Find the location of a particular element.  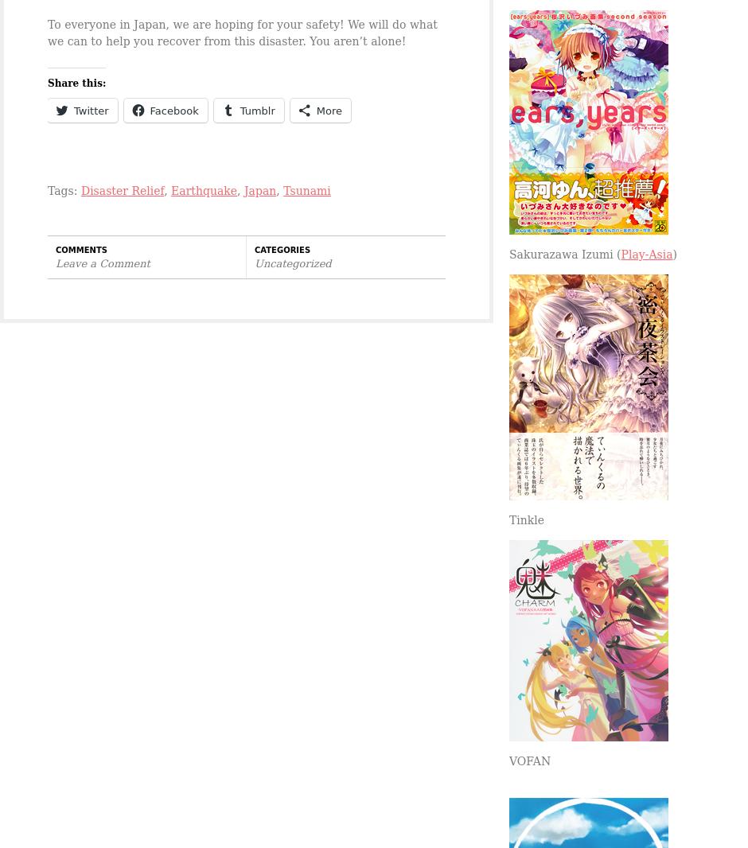

'To everyone in Japan, we are hoping for your safety! We will do what we can to help you recover from this disaster. You aren’t alone!' is located at coordinates (241, 32).